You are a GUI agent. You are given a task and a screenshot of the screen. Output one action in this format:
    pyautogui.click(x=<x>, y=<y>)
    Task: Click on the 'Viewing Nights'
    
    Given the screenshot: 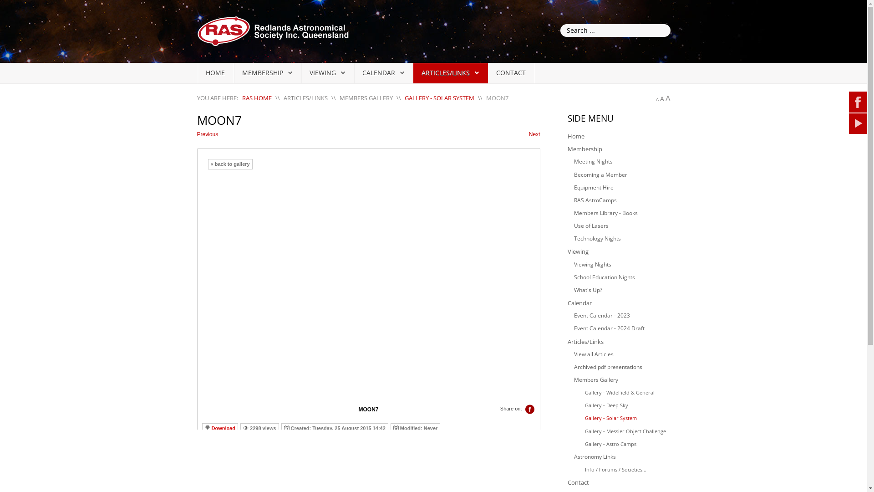 What is the action you would take?
    pyautogui.click(x=621, y=265)
    